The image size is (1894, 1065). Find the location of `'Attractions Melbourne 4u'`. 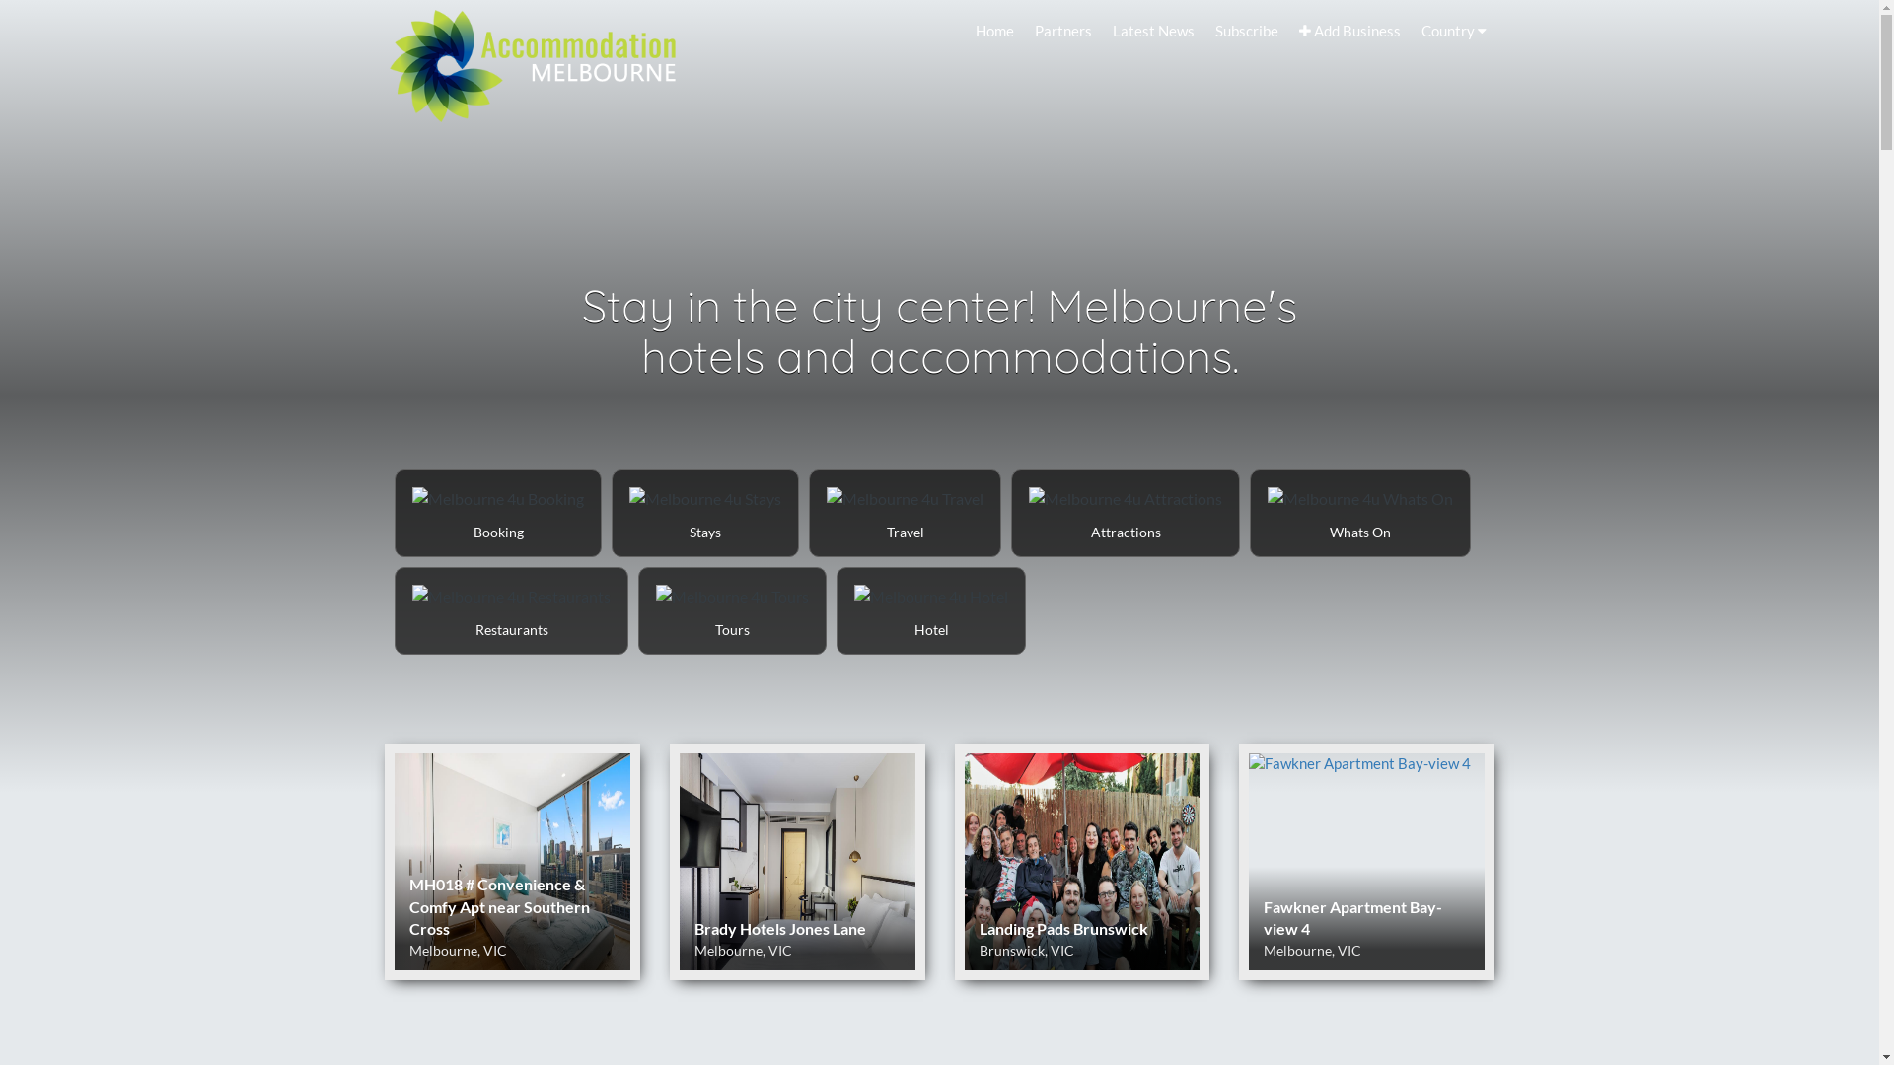

'Attractions Melbourne 4u' is located at coordinates (1126, 512).